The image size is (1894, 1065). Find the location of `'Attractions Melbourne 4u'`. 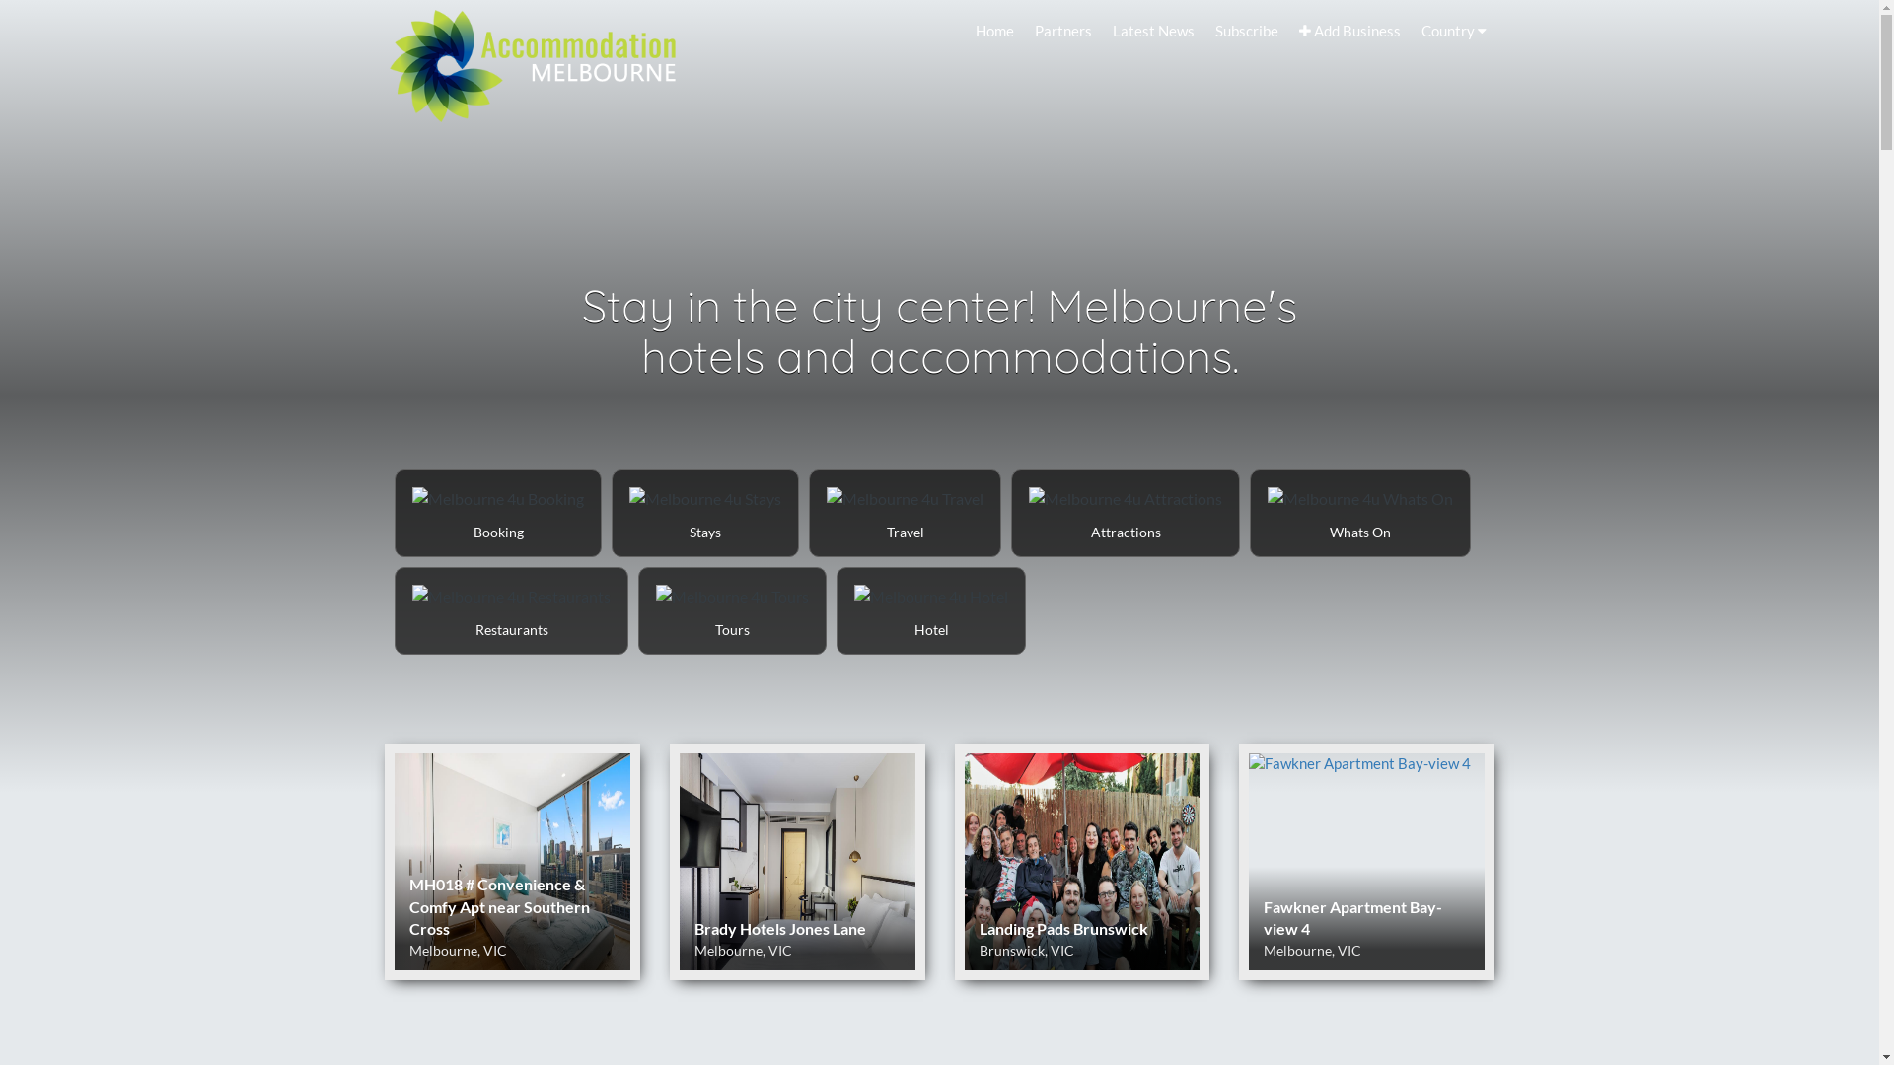

'Attractions Melbourne 4u' is located at coordinates (1126, 512).